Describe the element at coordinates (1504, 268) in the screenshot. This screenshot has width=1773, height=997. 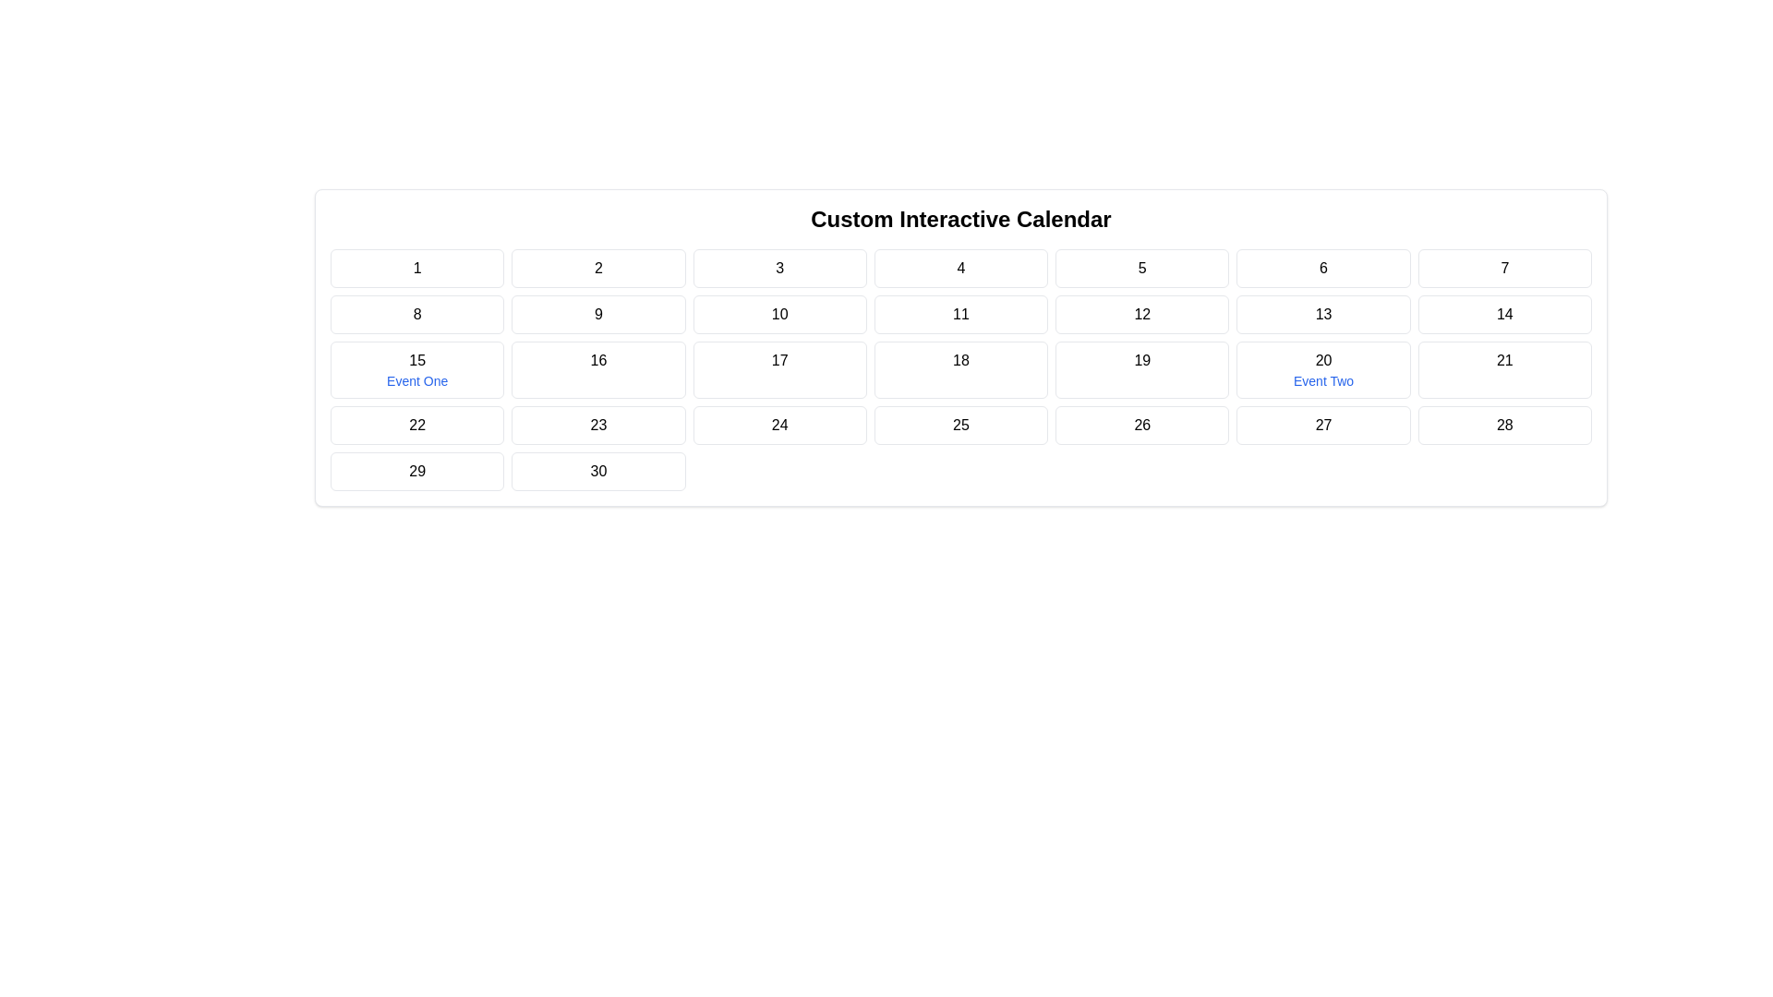
I see `the Calendar Day Cell that contains the numeral '7', which is a square-shaped section with rounded edges located at the far right of the top row in the calendar interface` at that location.